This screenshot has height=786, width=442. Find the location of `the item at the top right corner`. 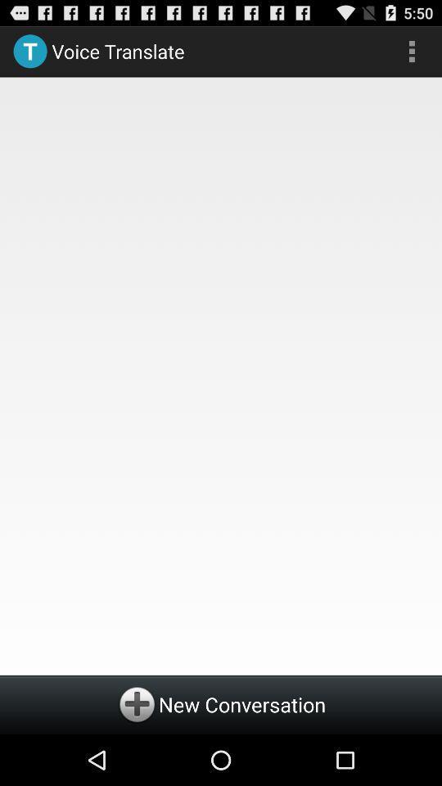

the item at the top right corner is located at coordinates (411, 51).